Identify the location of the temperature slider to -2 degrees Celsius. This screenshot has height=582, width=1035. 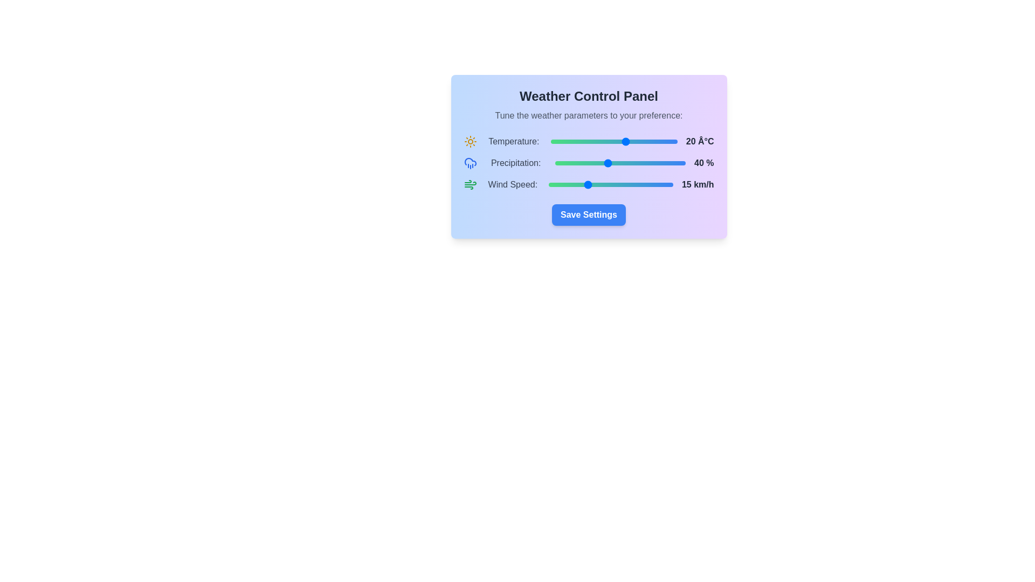
(570, 141).